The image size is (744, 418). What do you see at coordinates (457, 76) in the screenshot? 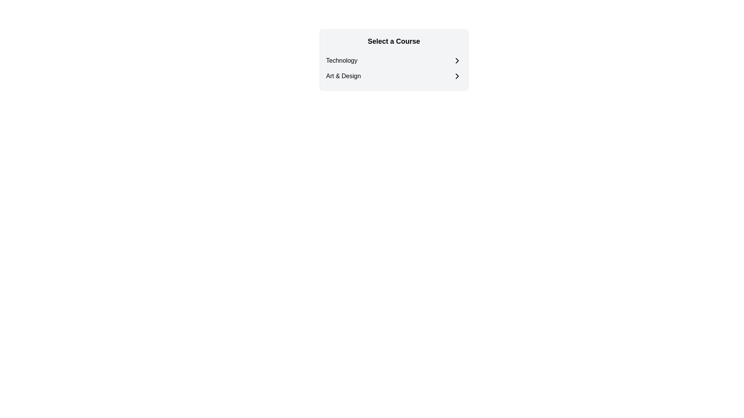
I see `the chevron icon located at the far-right end of the 'Art & Design' button` at bounding box center [457, 76].